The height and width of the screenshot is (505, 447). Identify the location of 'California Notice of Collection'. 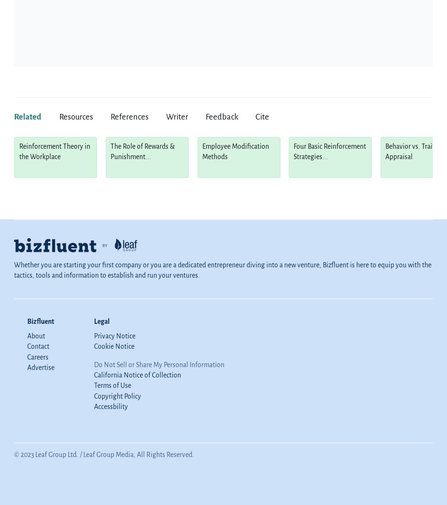
(136, 375).